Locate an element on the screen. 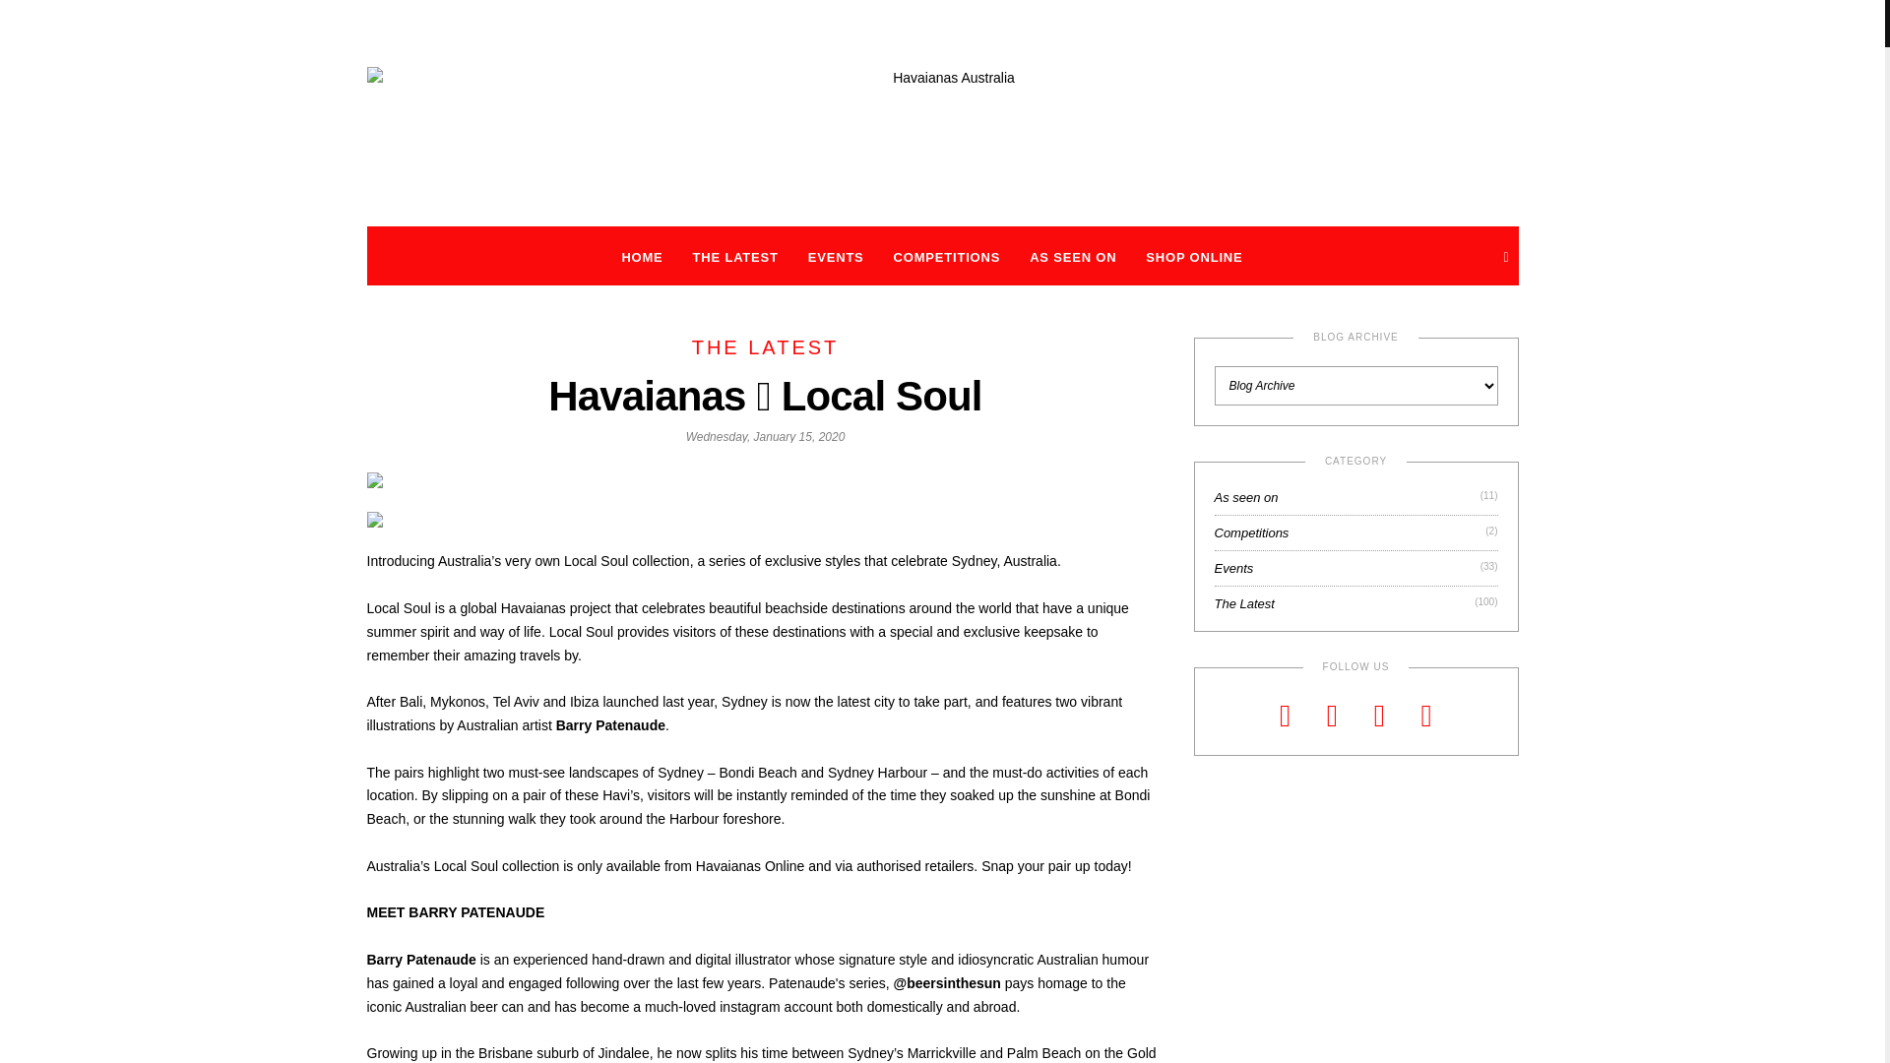 This screenshot has height=1063, width=1890. 'Competitions' is located at coordinates (1251, 532).